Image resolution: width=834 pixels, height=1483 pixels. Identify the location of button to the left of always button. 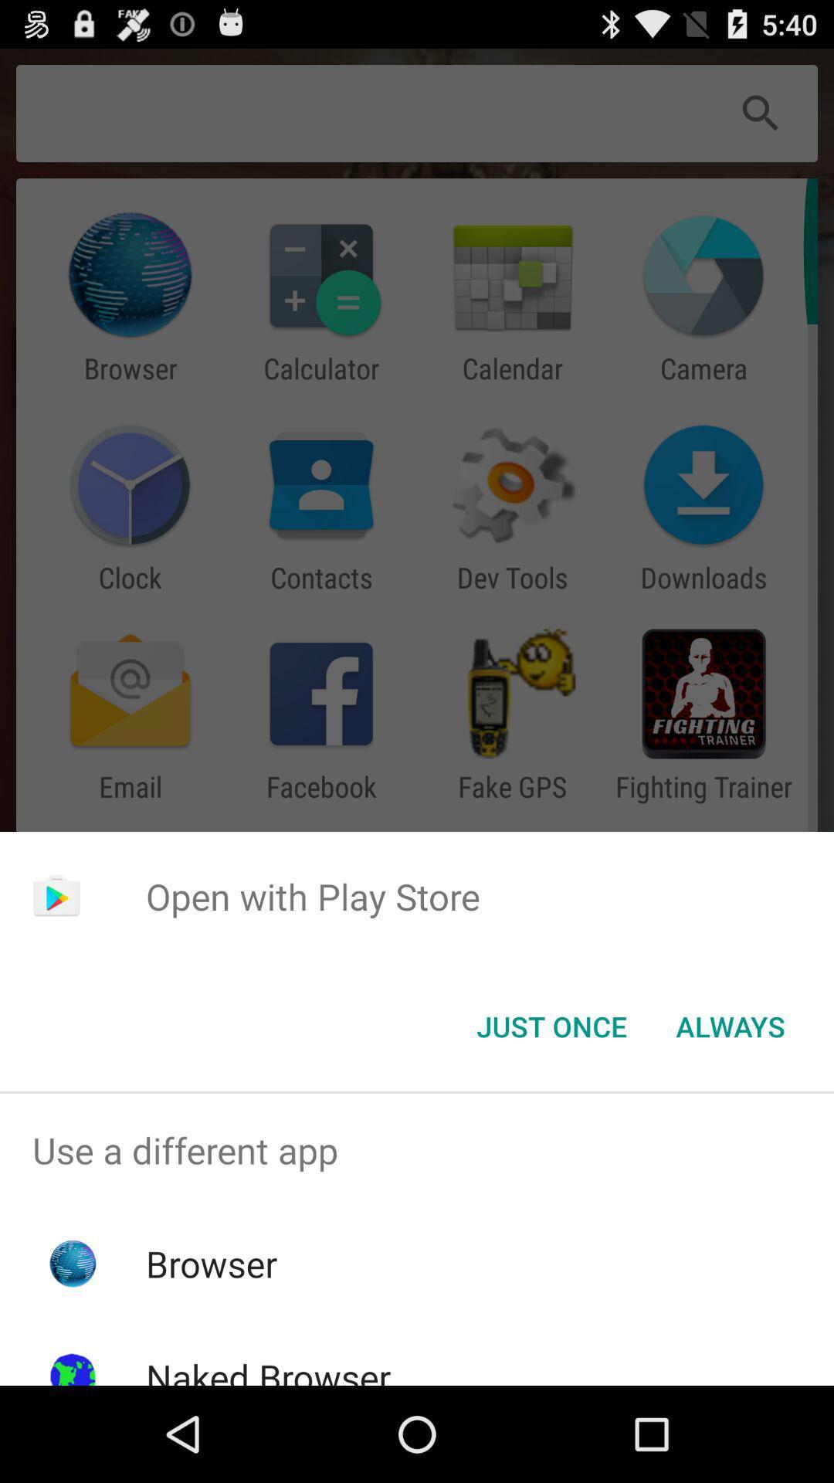
(551, 1027).